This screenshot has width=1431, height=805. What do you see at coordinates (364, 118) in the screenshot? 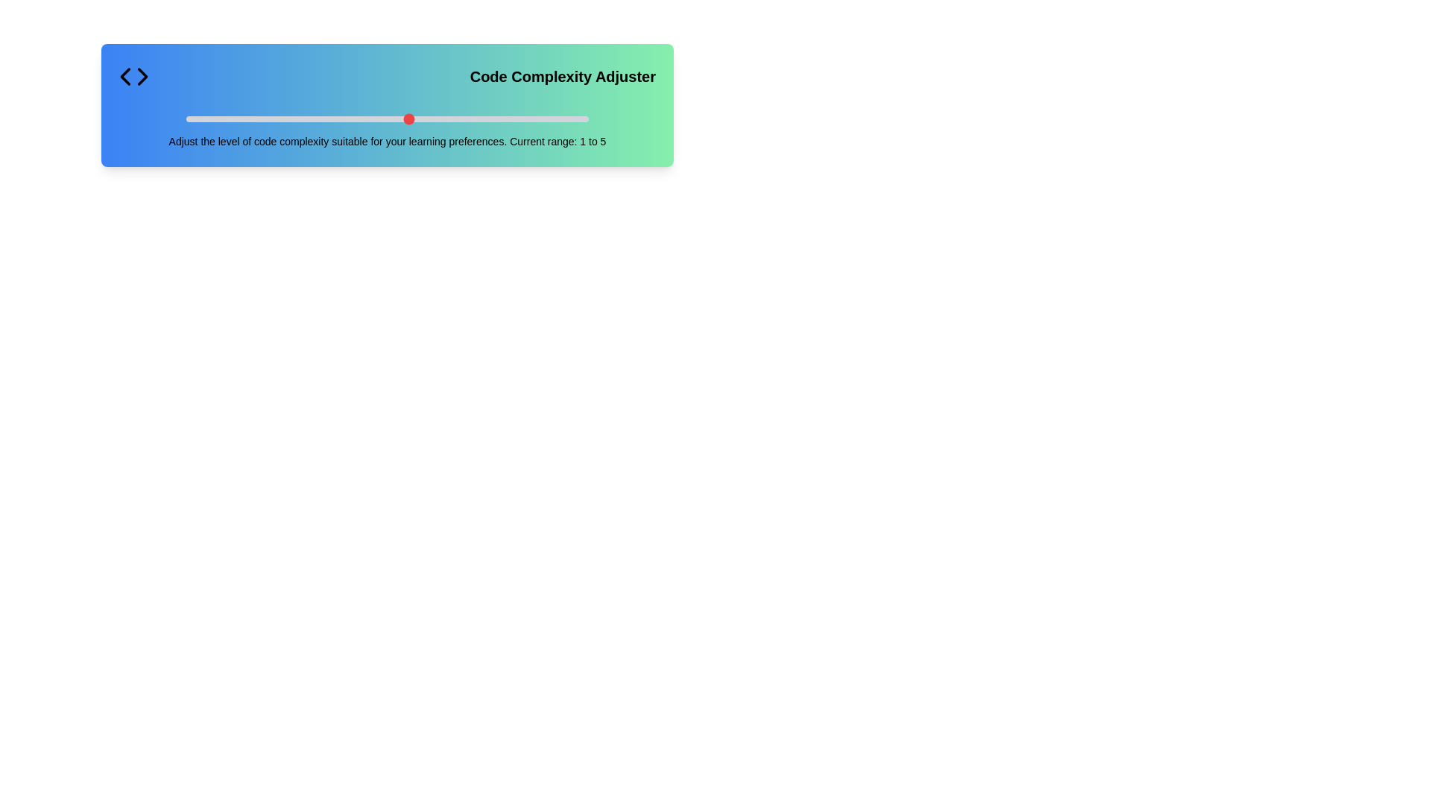
I see `the slider to set the code complexity to 5` at bounding box center [364, 118].